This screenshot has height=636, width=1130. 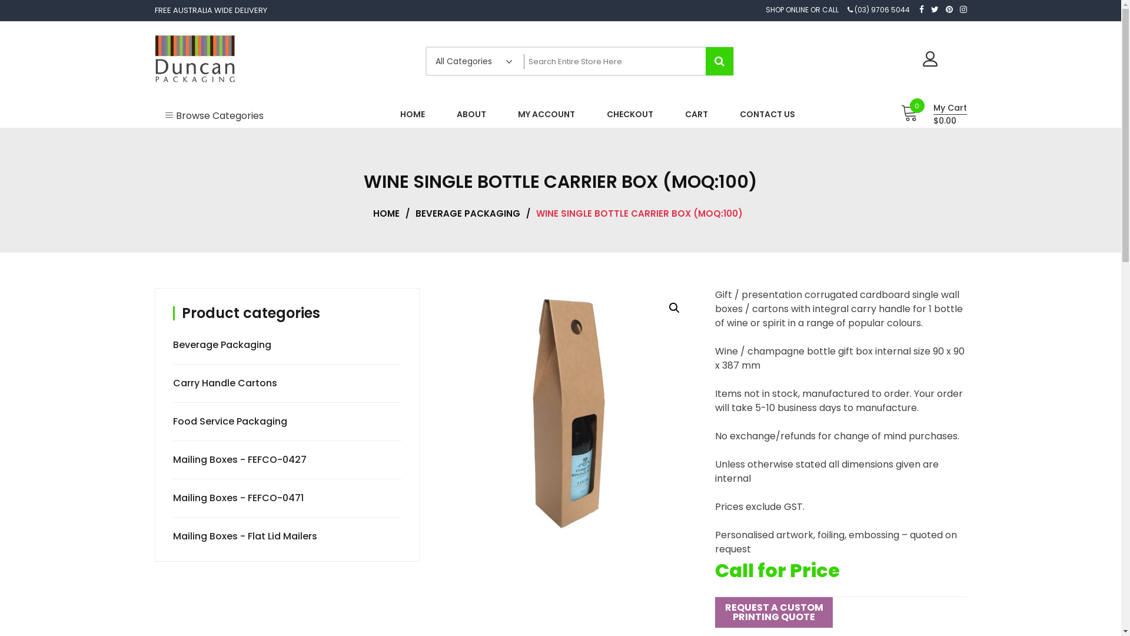 I want to click on 'CHECKOUT', so click(x=629, y=114).